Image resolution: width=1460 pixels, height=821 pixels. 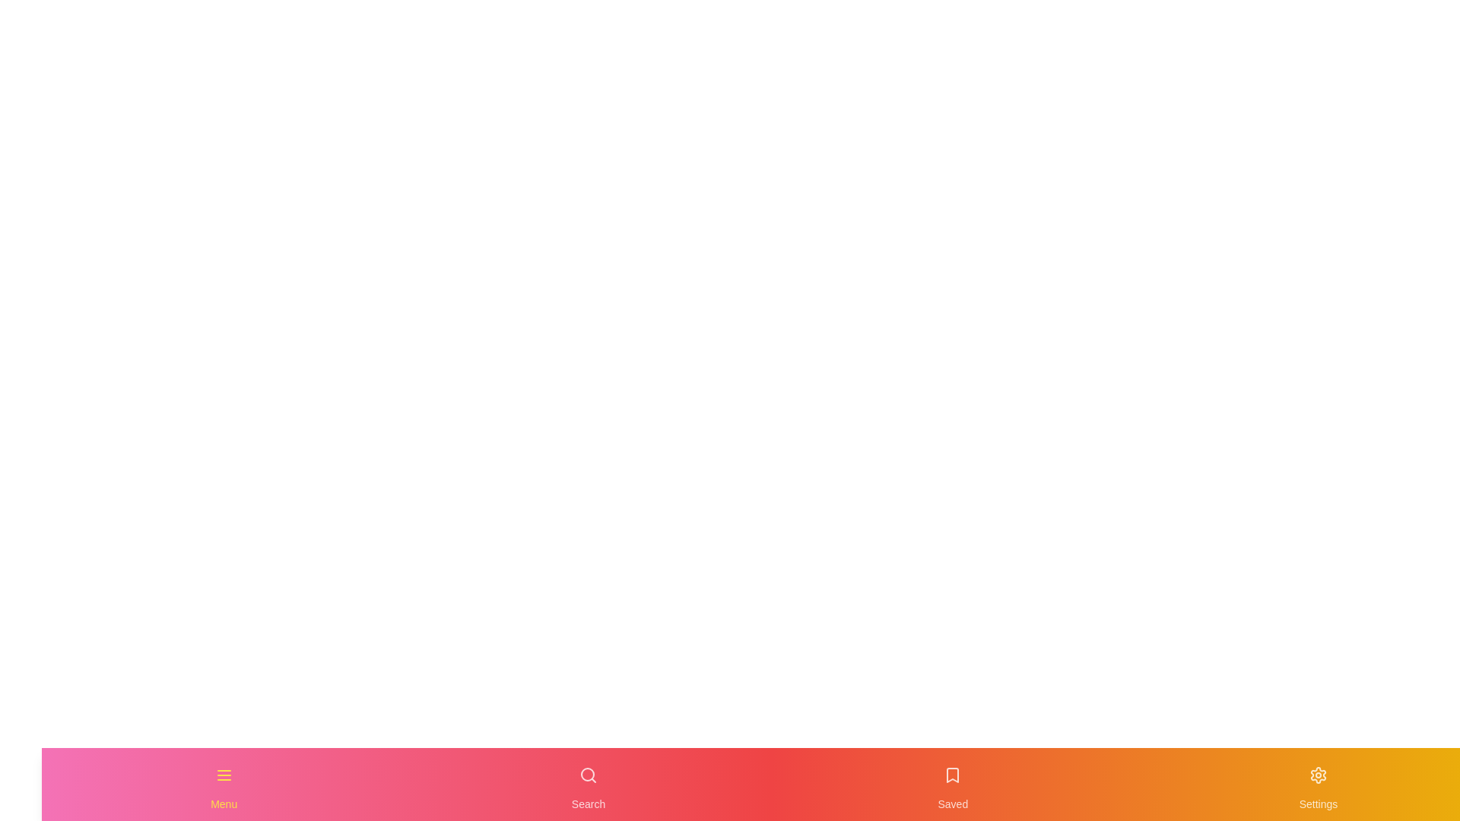 I want to click on the Settings navigation item to activate it, so click(x=1317, y=785).